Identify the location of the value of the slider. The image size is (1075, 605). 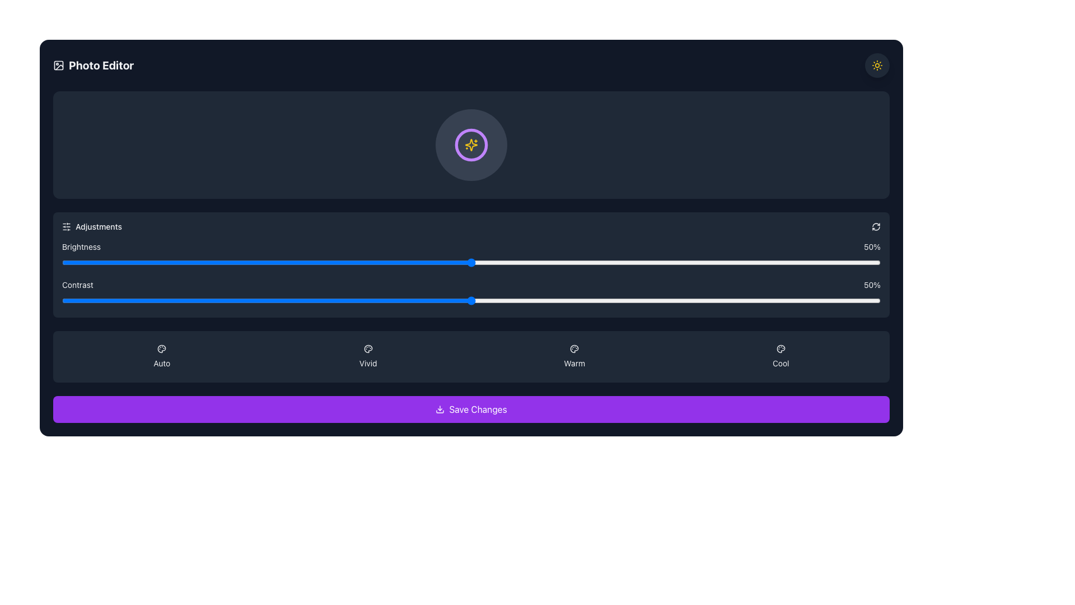
(717, 300).